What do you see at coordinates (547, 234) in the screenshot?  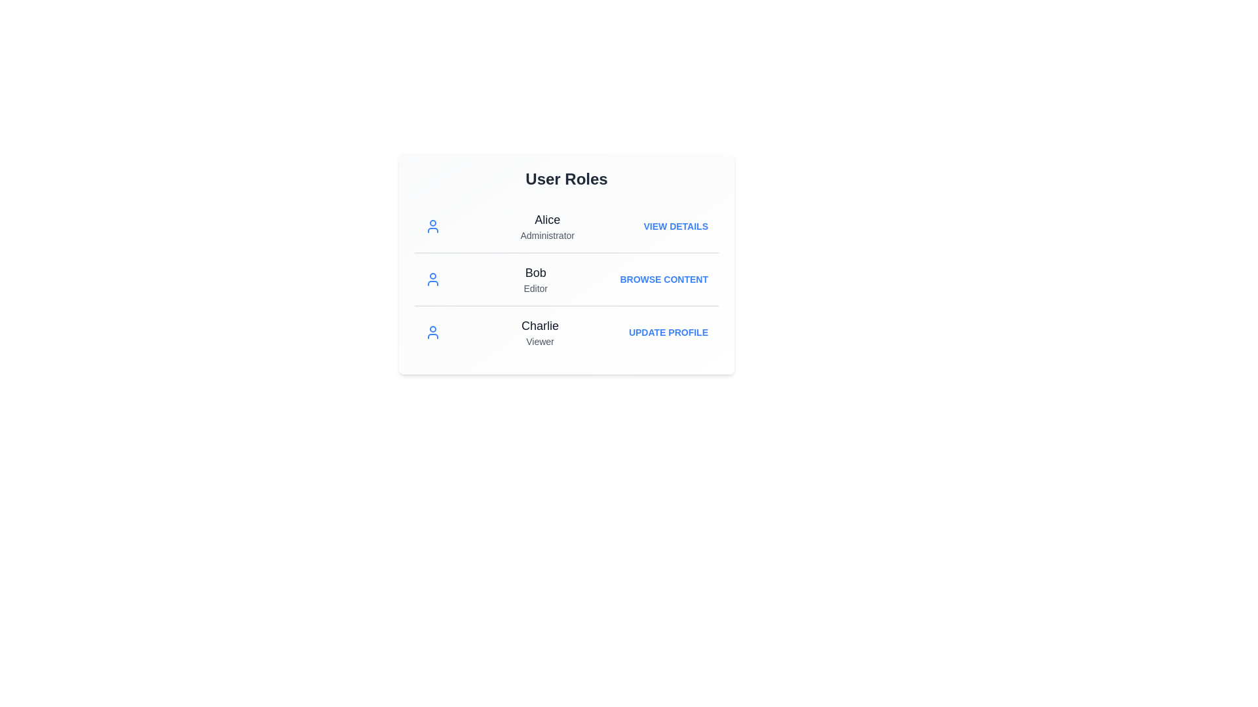 I see `the Text label indicating the role or designation of the user 'Alice' within the list of user roles, which is aligned below the text 'Alice' in the first row of user roles details` at bounding box center [547, 234].